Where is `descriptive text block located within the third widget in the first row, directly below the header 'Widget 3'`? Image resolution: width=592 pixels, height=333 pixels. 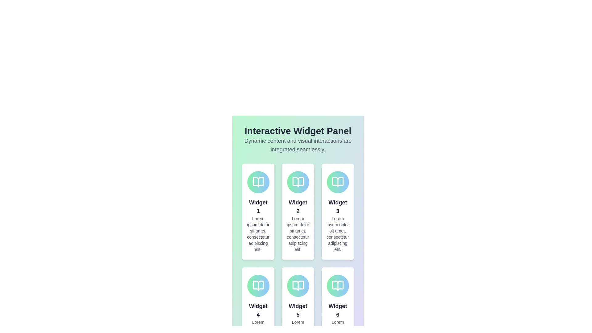 descriptive text block located within the third widget in the first row, directly below the header 'Widget 3' is located at coordinates (337, 234).